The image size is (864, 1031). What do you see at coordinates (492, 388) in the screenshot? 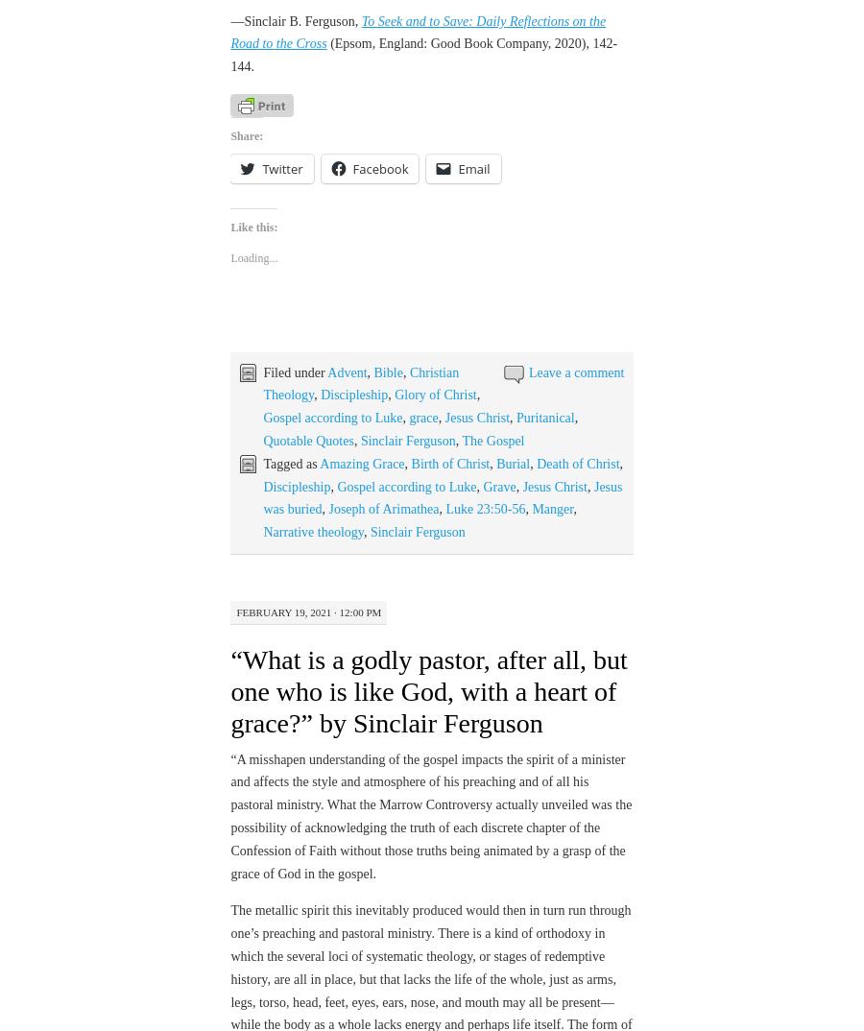
I see `'The Gospel'` at bounding box center [492, 388].